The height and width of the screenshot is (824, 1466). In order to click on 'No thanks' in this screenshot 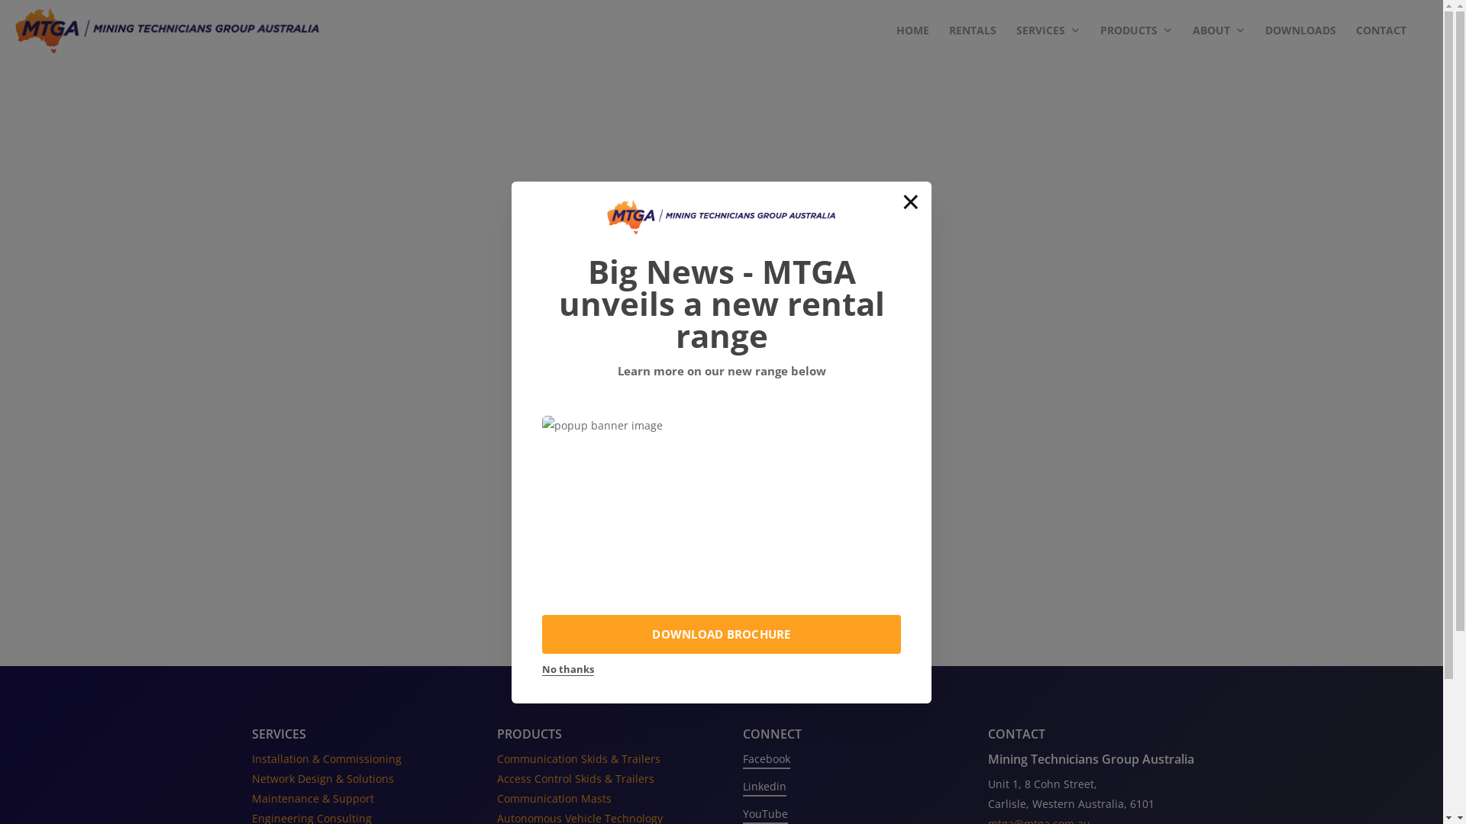, I will do `click(542, 669)`.